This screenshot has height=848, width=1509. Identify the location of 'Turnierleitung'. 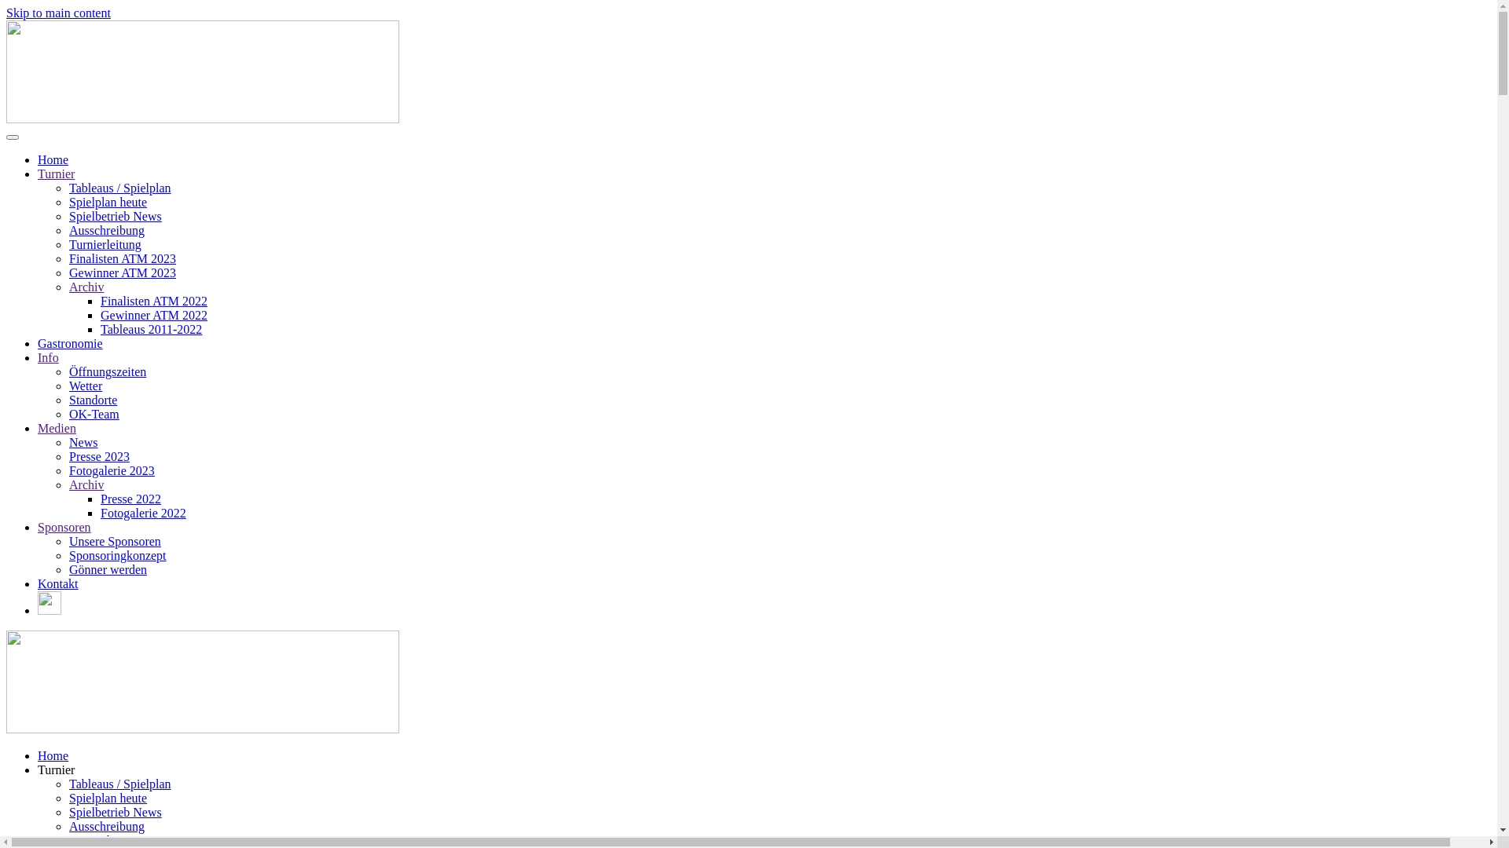
(68, 244).